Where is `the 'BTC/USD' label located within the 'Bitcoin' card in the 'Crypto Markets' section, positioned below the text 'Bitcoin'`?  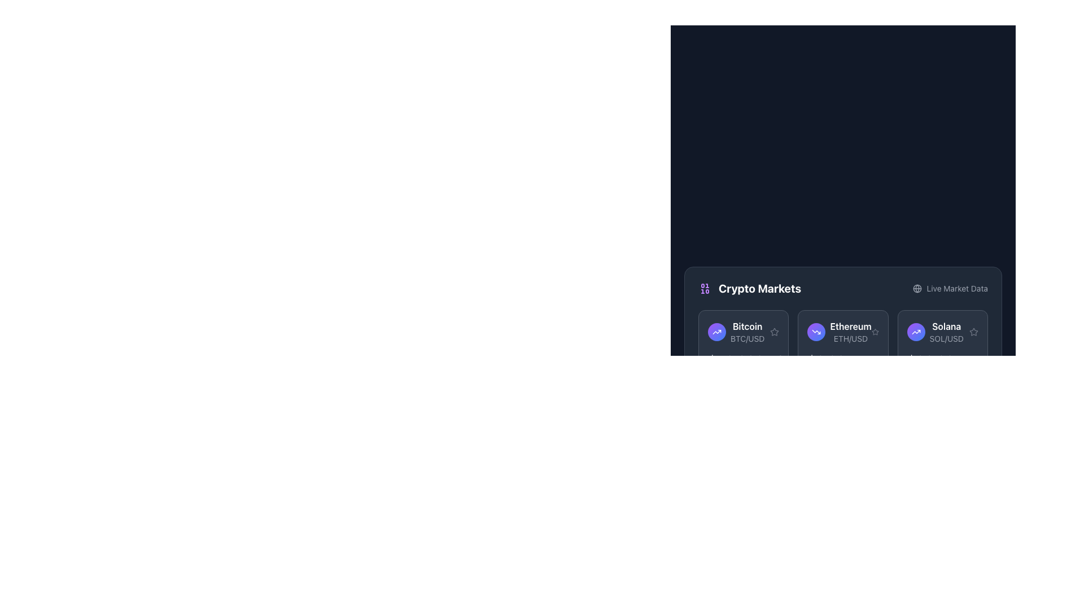
the 'BTC/USD' label located within the 'Bitcoin' card in the 'Crypto Markets' section, positioned below the text 'Bitcoin' is located at coordinates (748, 338).